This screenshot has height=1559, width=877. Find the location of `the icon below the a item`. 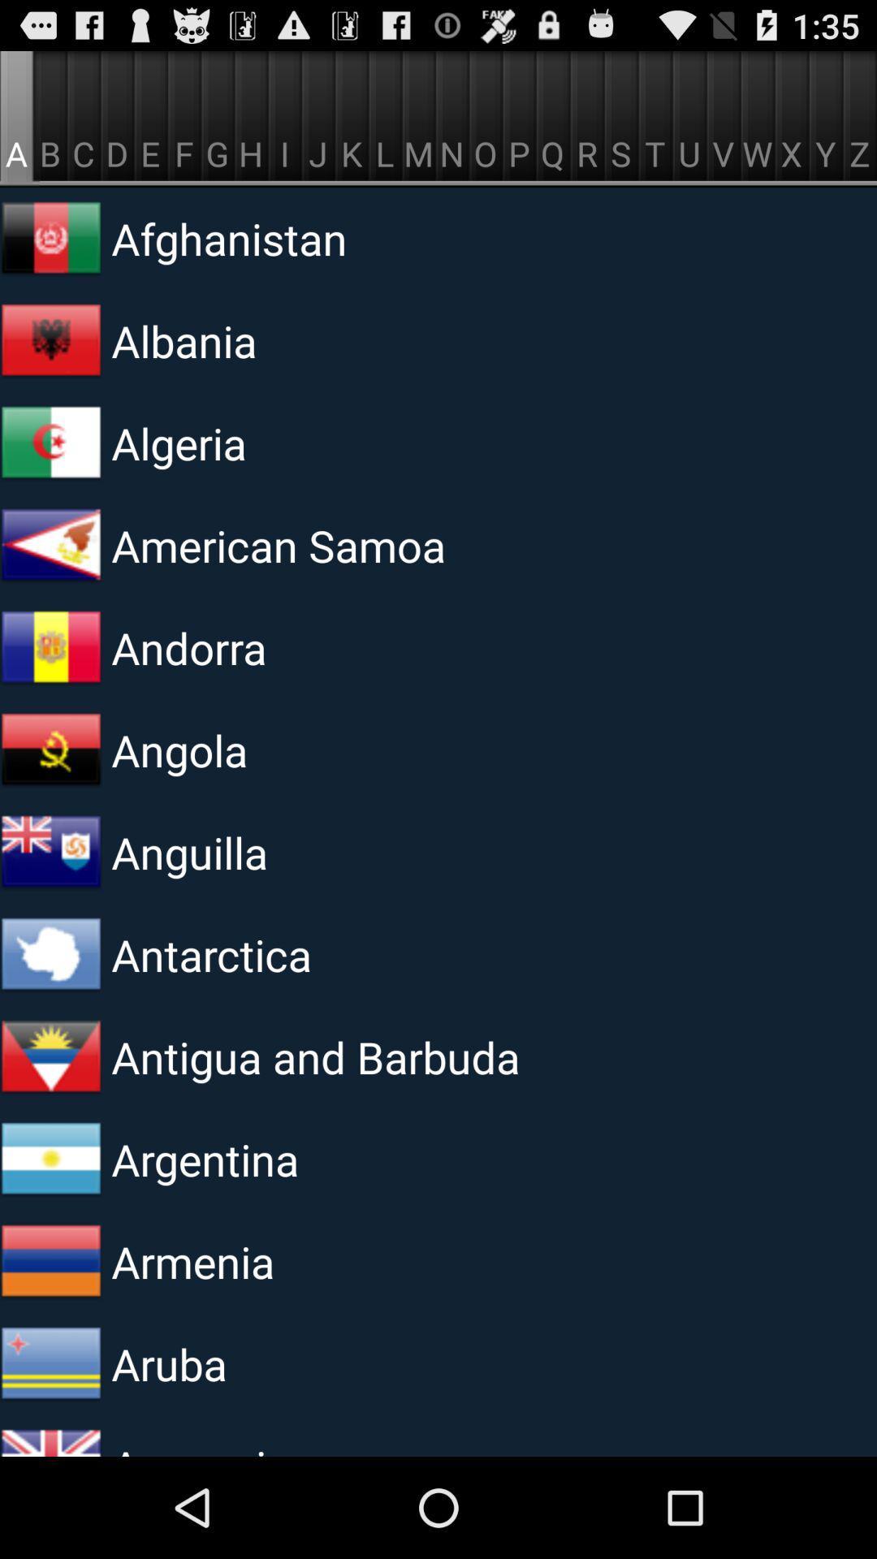

the icon below the a item is located at coordinates (50, 237).